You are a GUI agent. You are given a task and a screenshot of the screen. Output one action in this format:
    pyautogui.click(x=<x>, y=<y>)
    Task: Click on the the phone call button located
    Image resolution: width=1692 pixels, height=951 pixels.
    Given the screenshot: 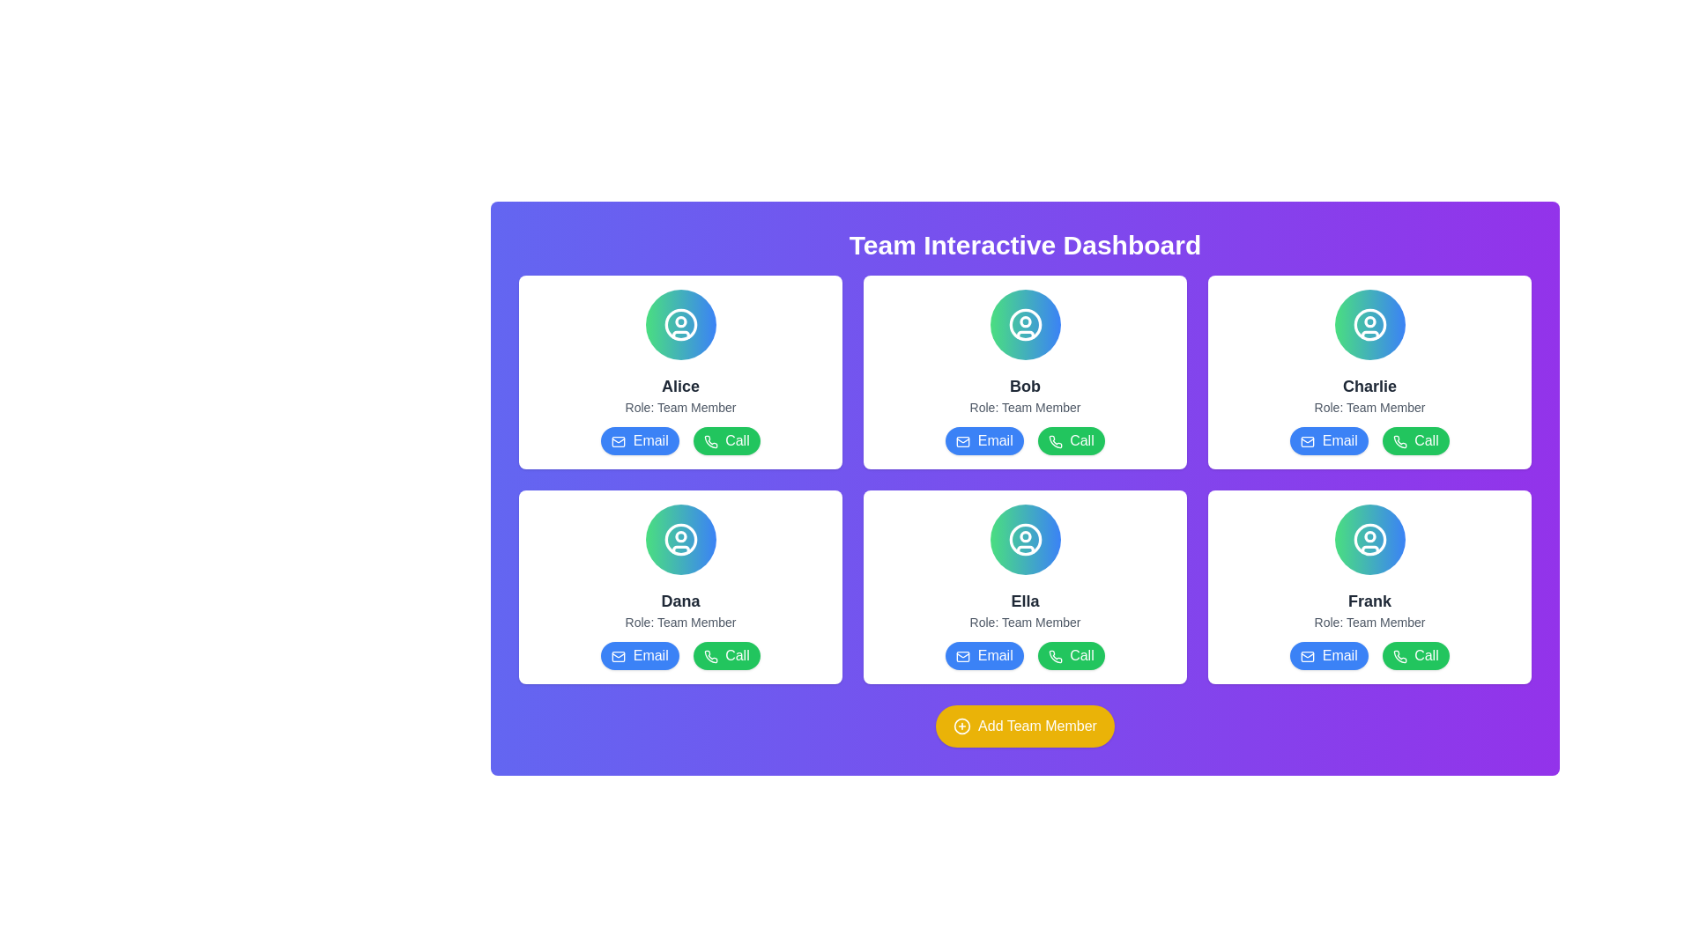 What is the action you would take?
    pyautogui.click(x=1070, y=440)
    